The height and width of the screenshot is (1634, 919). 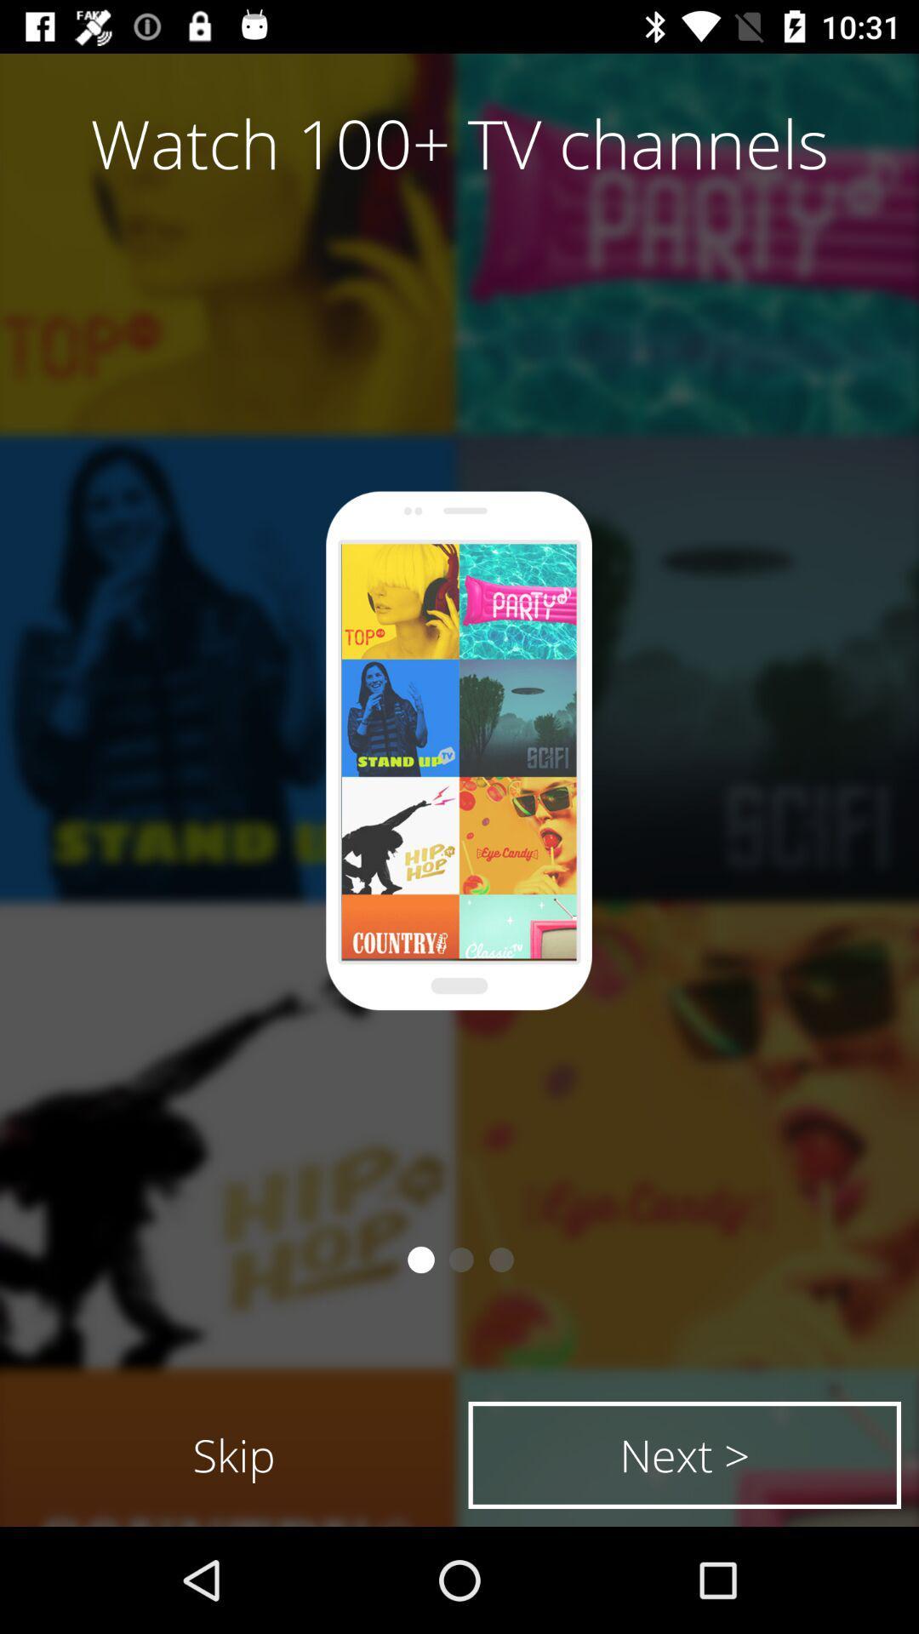 What do you see at coordinates (234, 1454) in the screenshot?
I see `icon next to next > item` at bounding box center [234, 1454].